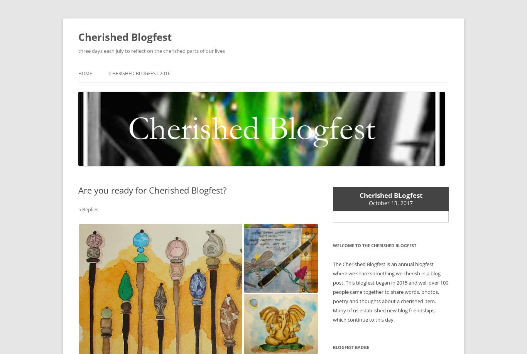 This screenshot has width=527, height=354. What do you see at coordinates (374, 245) in the screenshot?
I see `'Welcome to the Cherished Blogfest'` at bounding box center [374, 245].